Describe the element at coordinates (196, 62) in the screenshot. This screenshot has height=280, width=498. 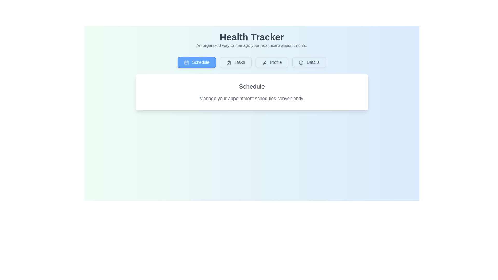
I see `the tab button labeled Schedule` at that location.